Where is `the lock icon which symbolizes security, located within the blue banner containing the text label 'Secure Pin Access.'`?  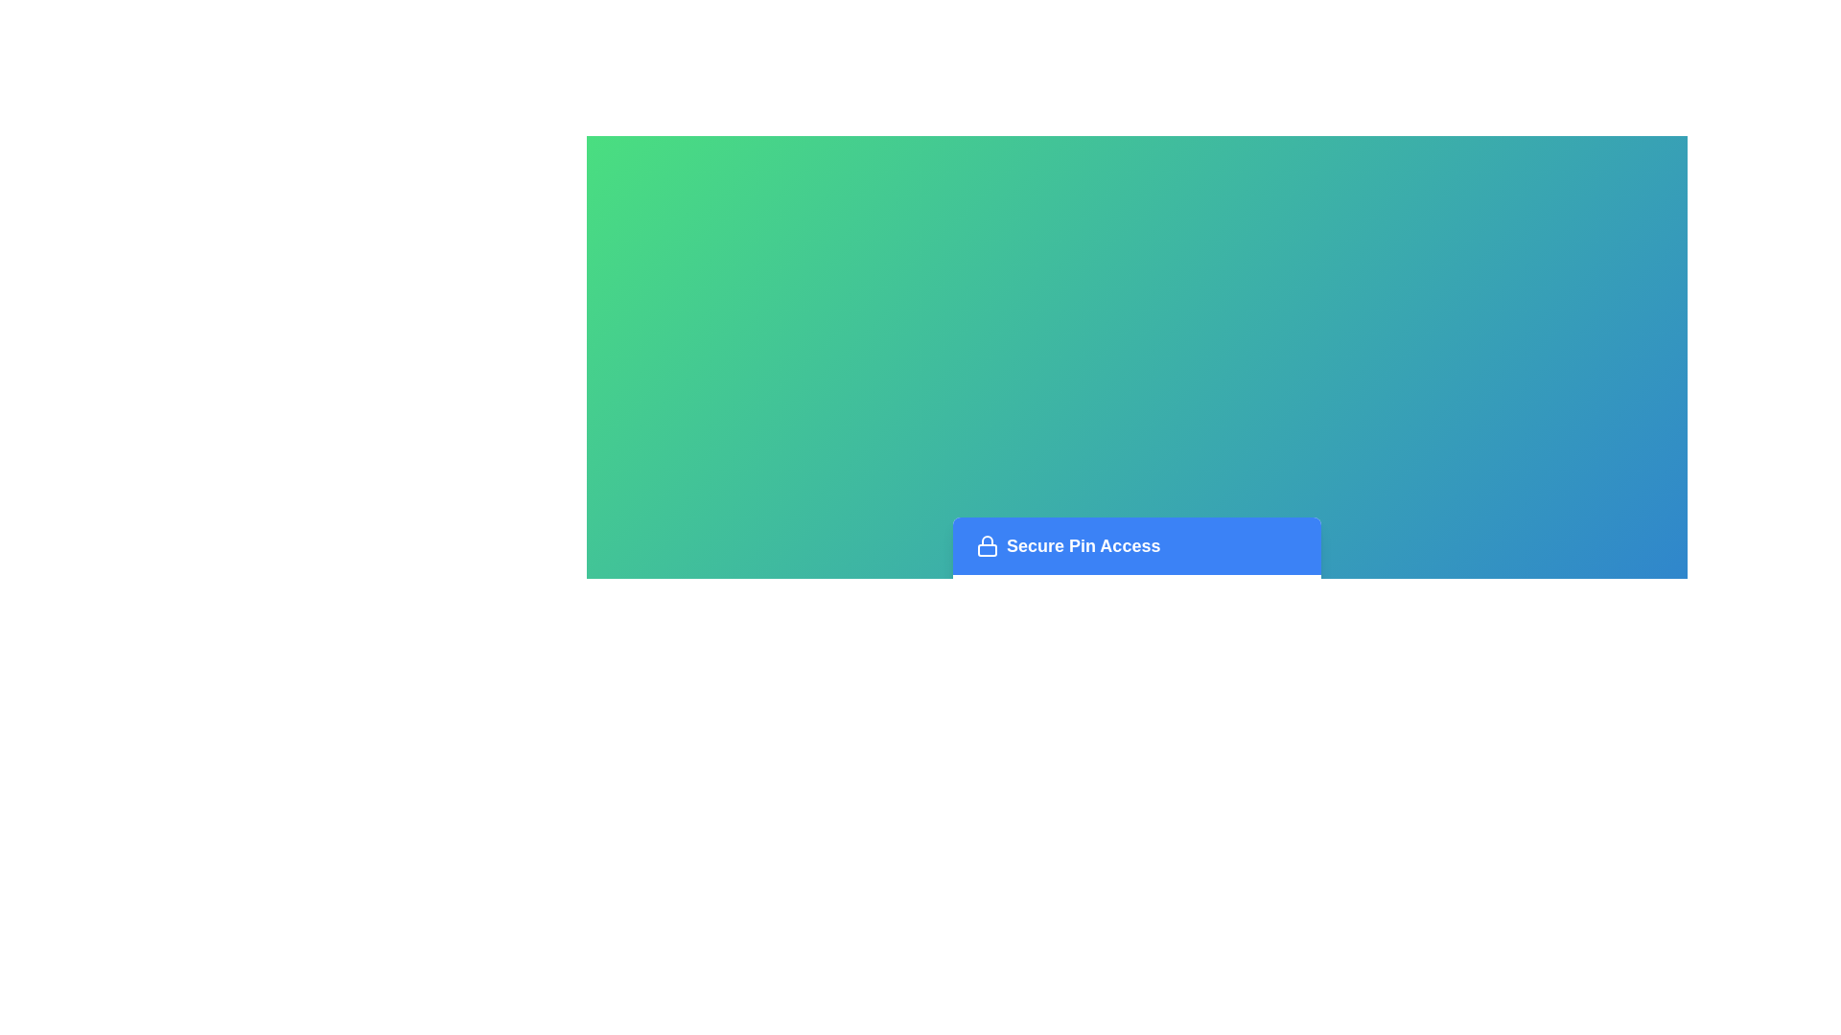
the lock icon which symbolizes security, located within the blue banner containing the text label 'Secure Pin Access.' is located at coordinates (988, 546).